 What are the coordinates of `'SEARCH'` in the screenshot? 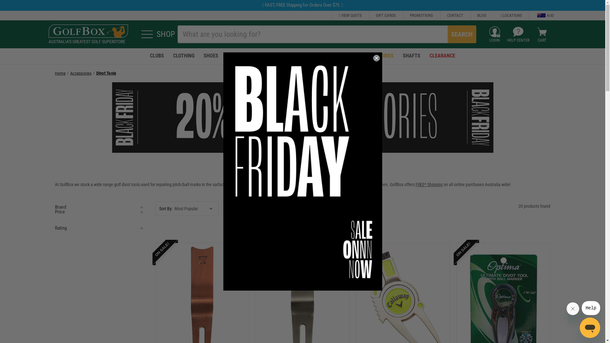 It's located at (462, 34).